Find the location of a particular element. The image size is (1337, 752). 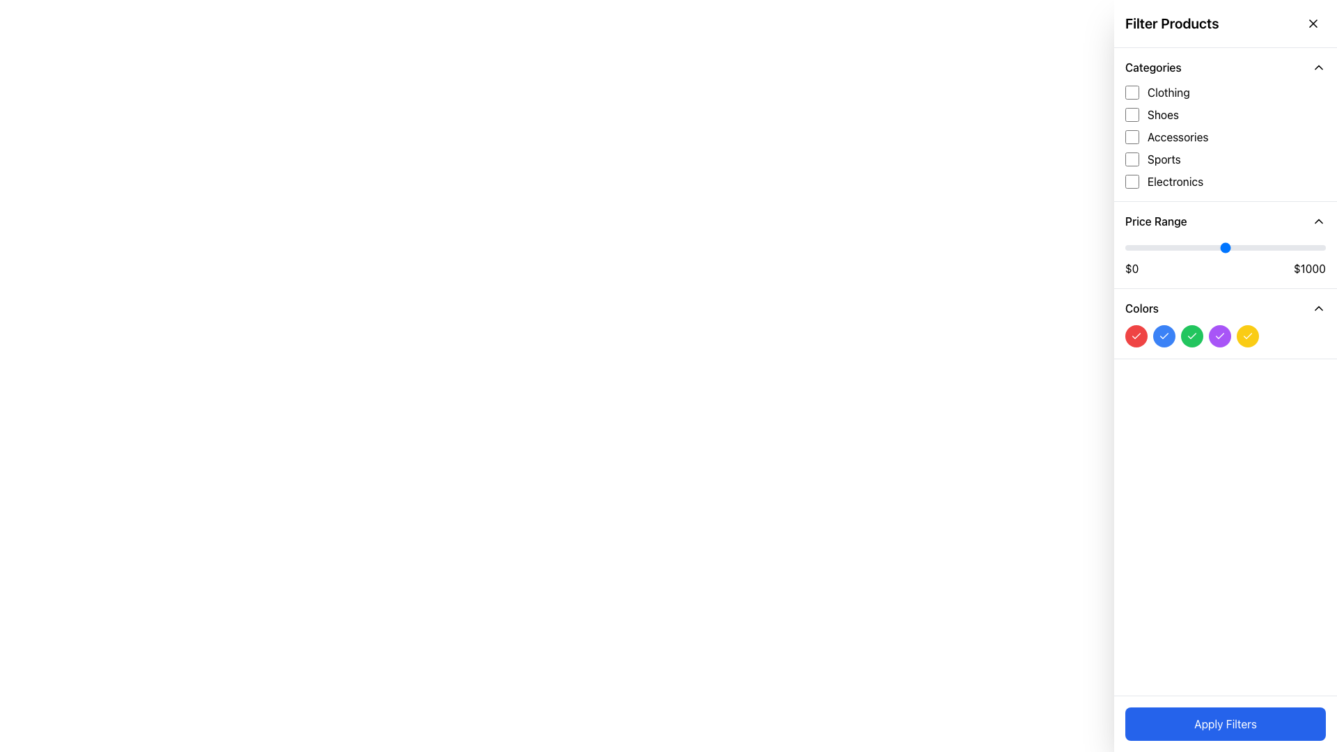

the collapse icon located to the right of the 'Price Range' label in the filter options section is located at coordinates (1318, 220).